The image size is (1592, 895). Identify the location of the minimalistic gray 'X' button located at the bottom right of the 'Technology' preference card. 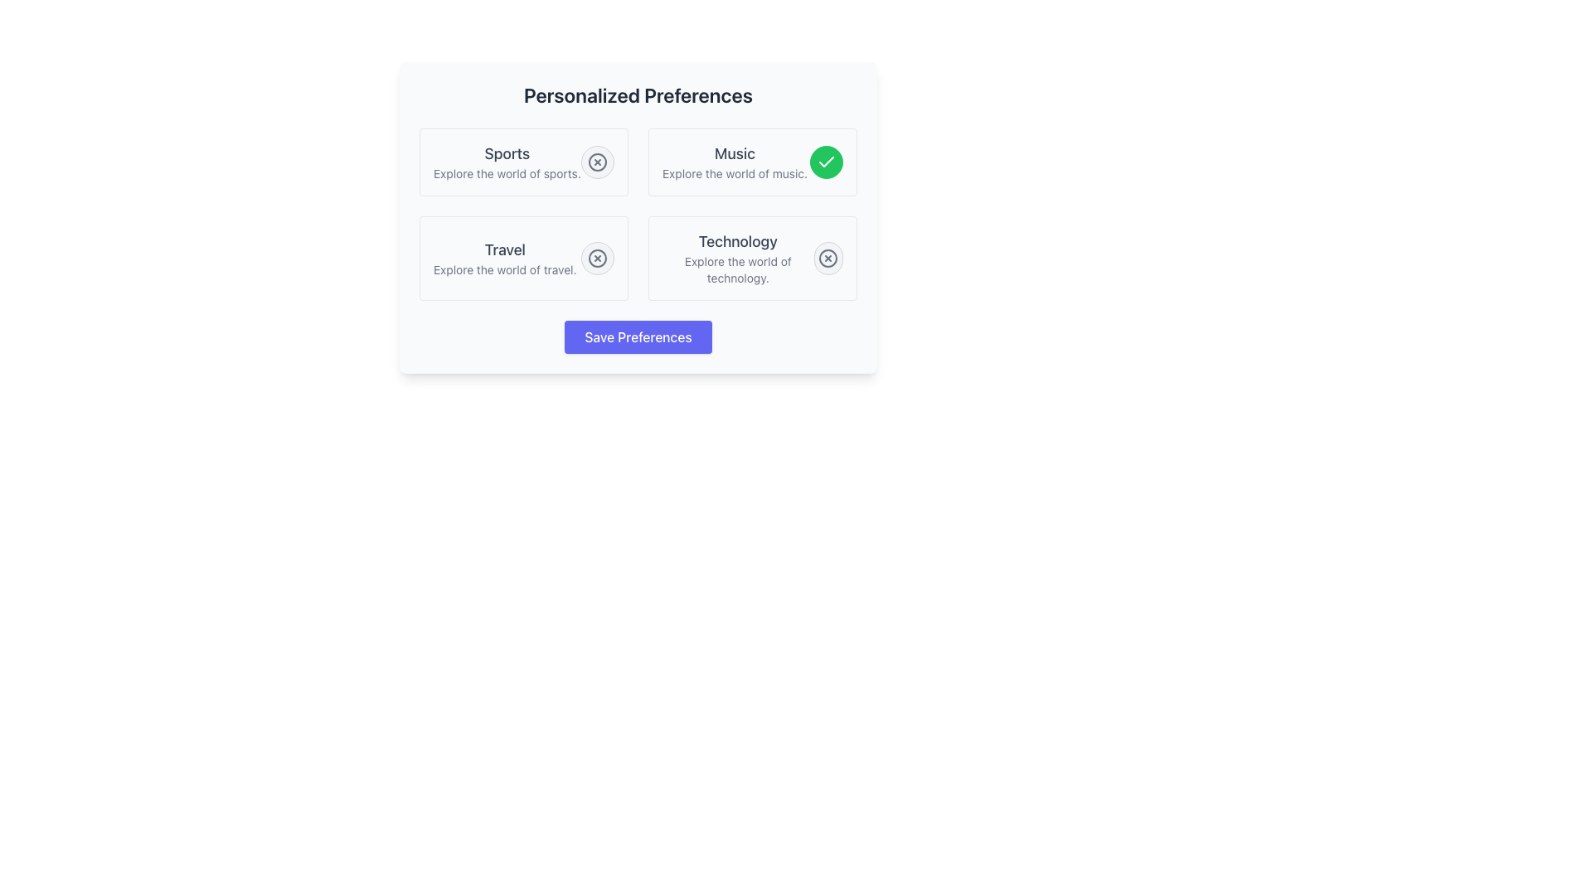
(828, 259).